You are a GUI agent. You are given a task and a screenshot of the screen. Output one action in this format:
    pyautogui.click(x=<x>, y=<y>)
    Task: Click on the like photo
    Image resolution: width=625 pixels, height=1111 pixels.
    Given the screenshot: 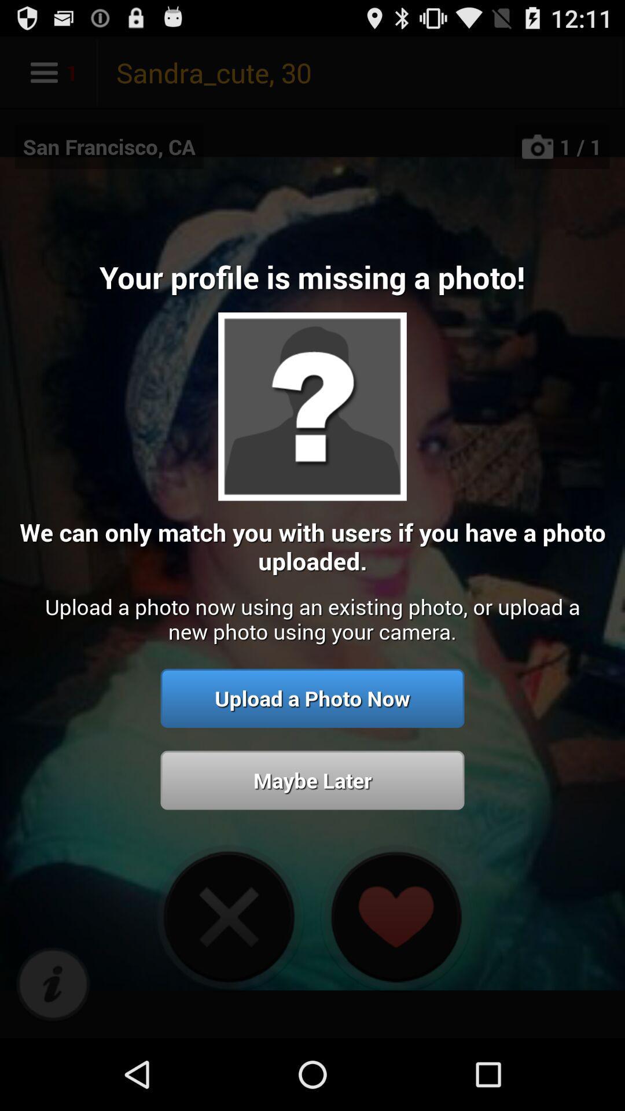 What is the action you would take?
    pyautogui.click(x=395, y=916)
    